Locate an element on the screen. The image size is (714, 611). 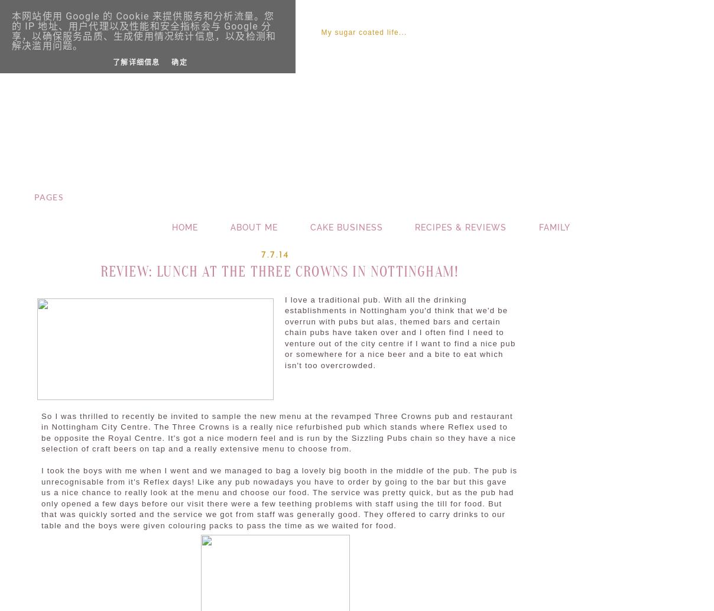
'I took the boys with me when I went and we managed to bag a lovely big booth in the middle of the pub. The pub is unrecognisable from it's Reflex days! Like any pub nowadays you have to order by going to the bar but this gave us a nice chance to really look at the menu and choose our food. The service was pretty quick, but as the pub had only opened a few days before our visit there were a few teething problems with staff using the till for food. But that was quickly sorted and the service we got from staff was generally good. They offered to carry drinks to our table and the boys were given colouring packs to pass the time as we waited for food.' is located at coordinates (279, 497).